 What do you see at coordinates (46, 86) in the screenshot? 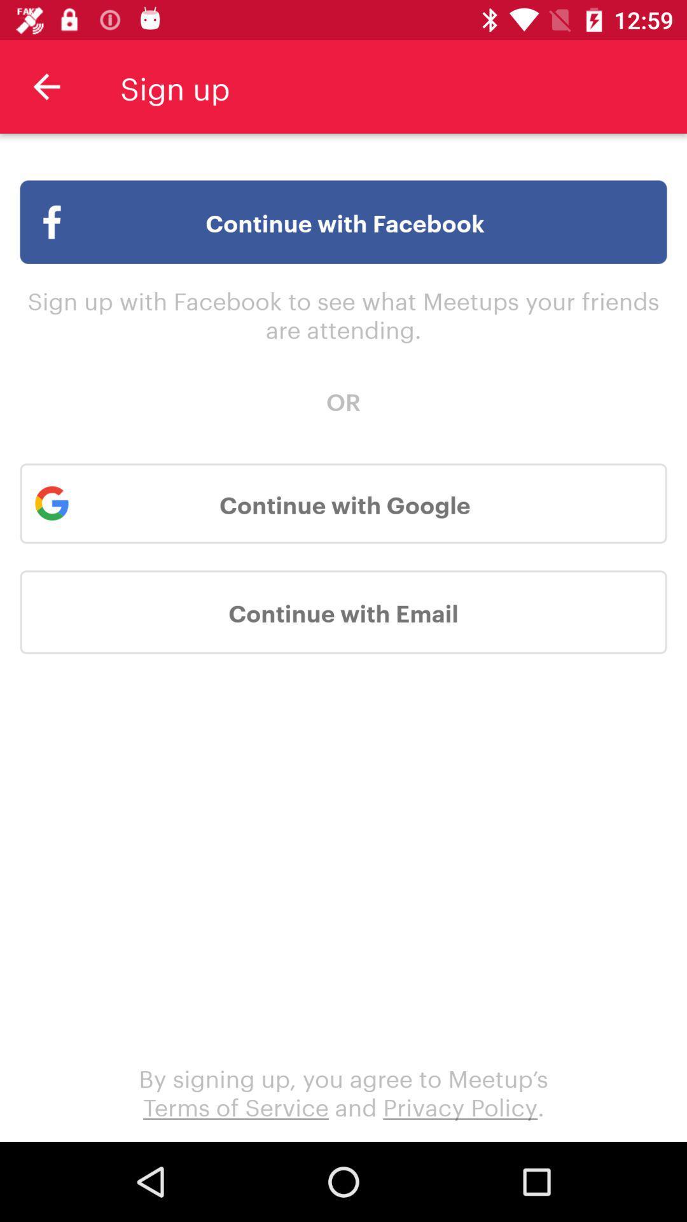
I see `item next to sign up item` at bounding box center [46, 86].